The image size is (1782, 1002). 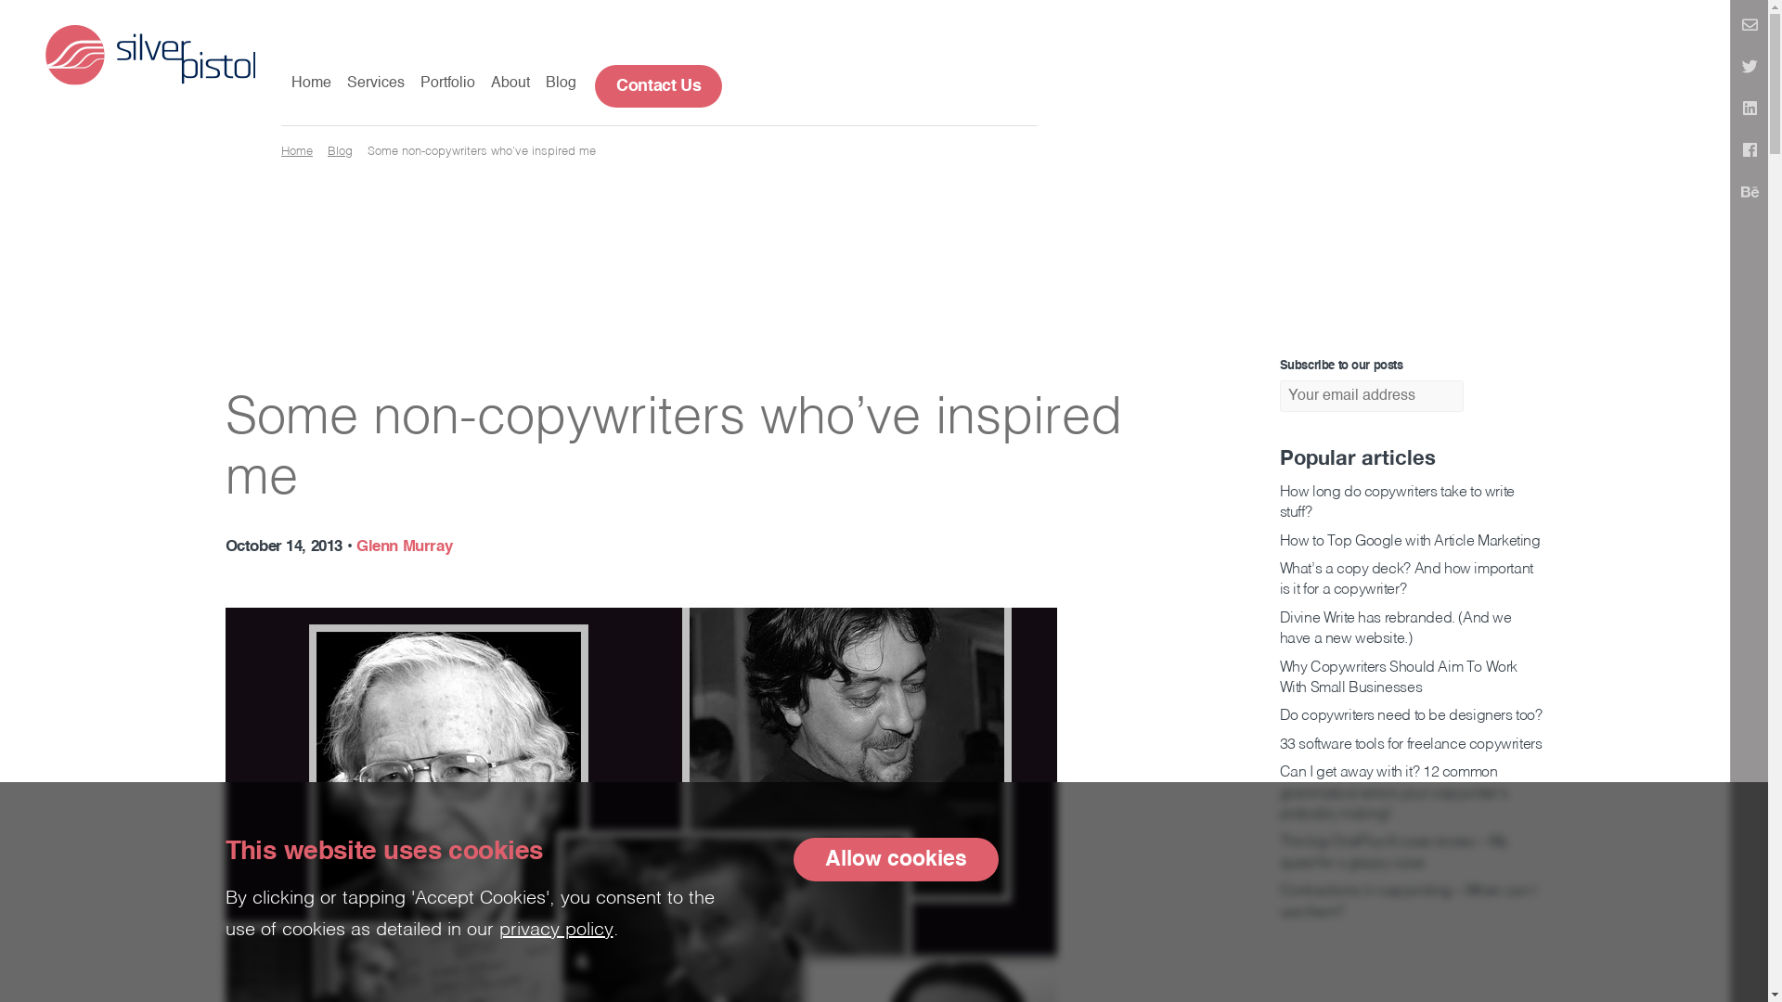 I want to click on 'See us on Facebook', so click(x=1749, y=151).